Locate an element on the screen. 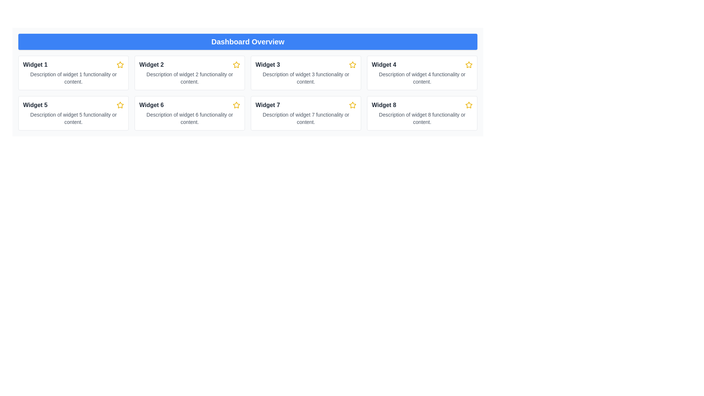  the favorite marker icon for the 'Widget 5' section is located at coordinates (120, 105).